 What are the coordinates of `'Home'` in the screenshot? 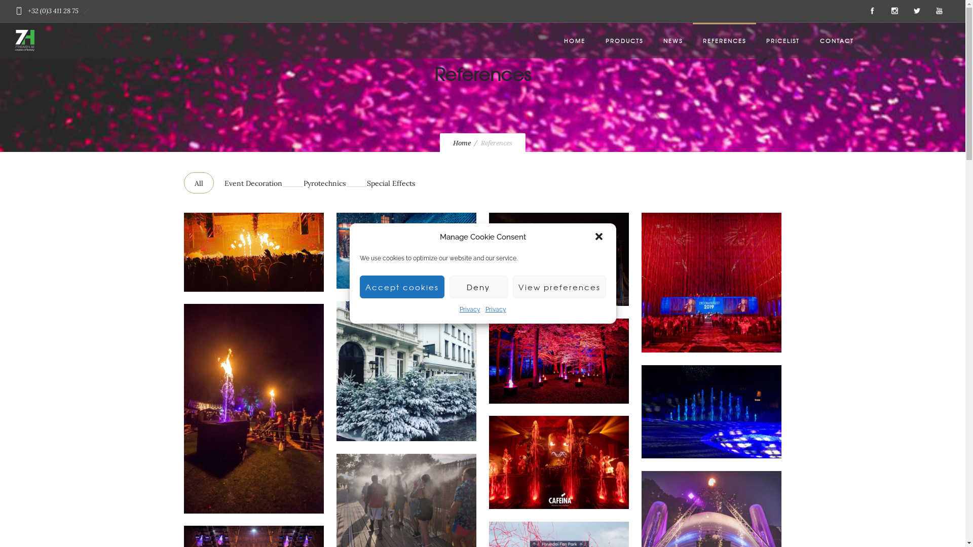 It's located at (461, 143).